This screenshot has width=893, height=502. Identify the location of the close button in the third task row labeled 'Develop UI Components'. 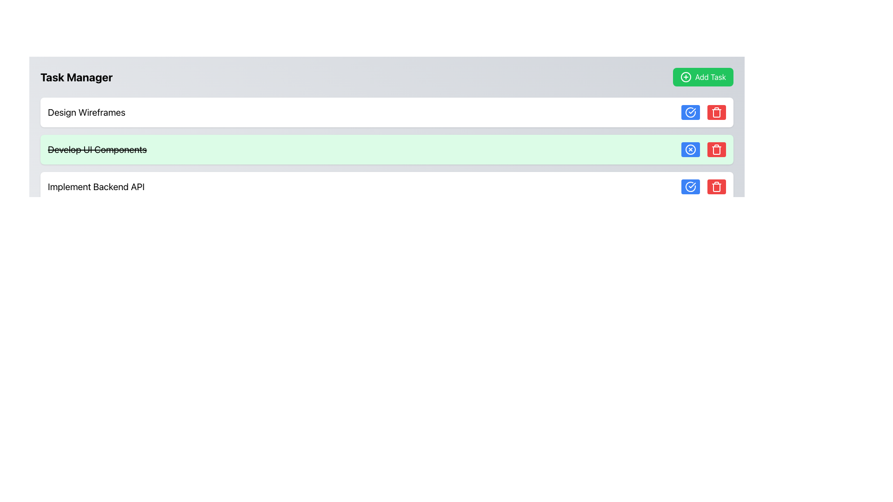
(690, 149).